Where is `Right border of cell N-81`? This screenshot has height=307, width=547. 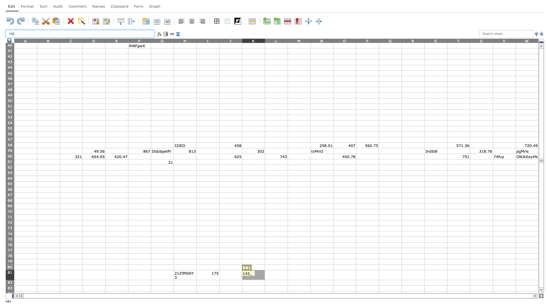 Right border of cell N-81 is located at coordinates (333, 275).